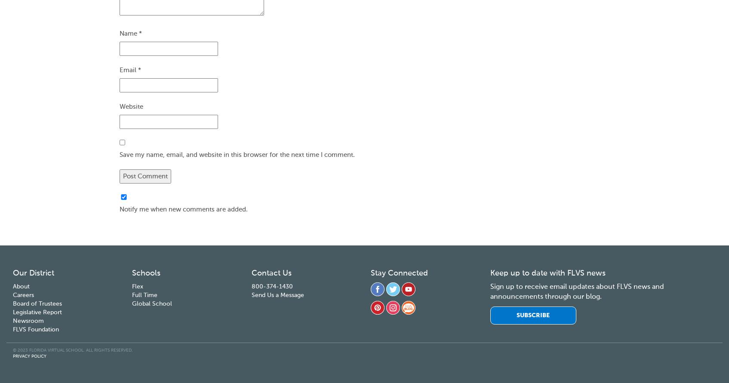 The height and width of the screenshot is (383, 729). Describe the element at coordinates (277, 294) in the screenshot. I see `'Send Us a Message'` at that location.